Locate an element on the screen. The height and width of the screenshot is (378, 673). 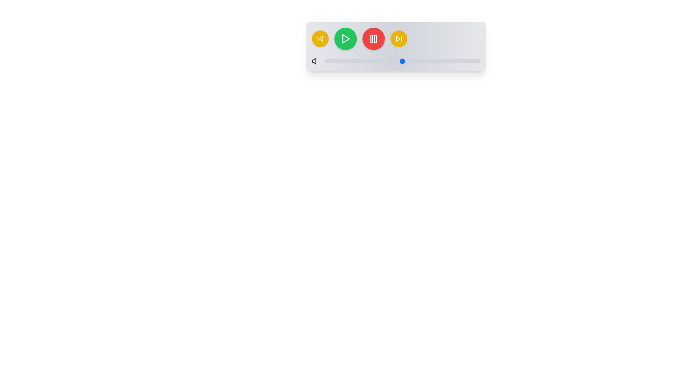
the slider is located at coordinates (377, 61).